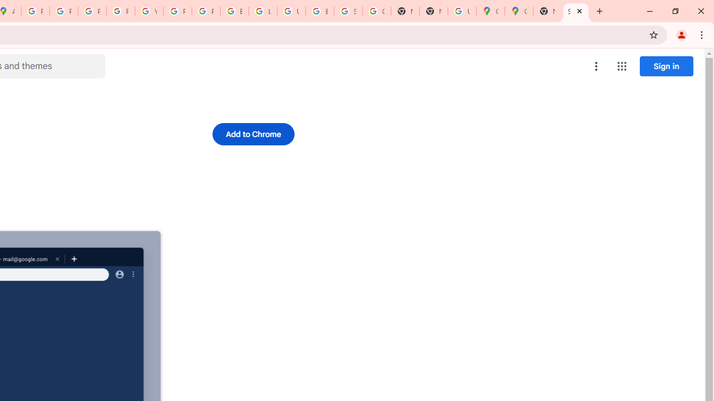  What do you see at coordinates (148, 11) in the screenshot?
I see `'YouTube'` at bounding box center [148, 11].